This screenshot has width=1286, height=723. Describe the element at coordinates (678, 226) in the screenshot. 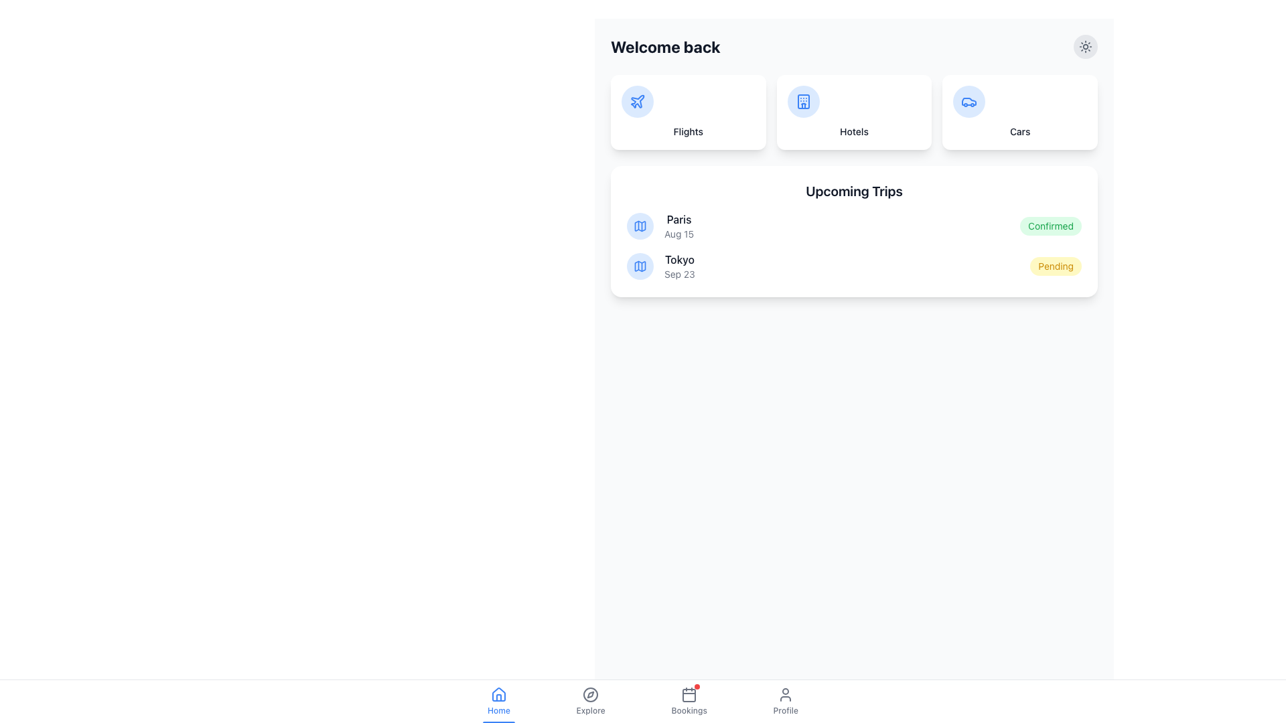

I see `the label displaying 'Paris' in bold and 'Aug 15' in lighter text, located in the 'Upcoming Trips' section, aligned with a map icon` at that location.